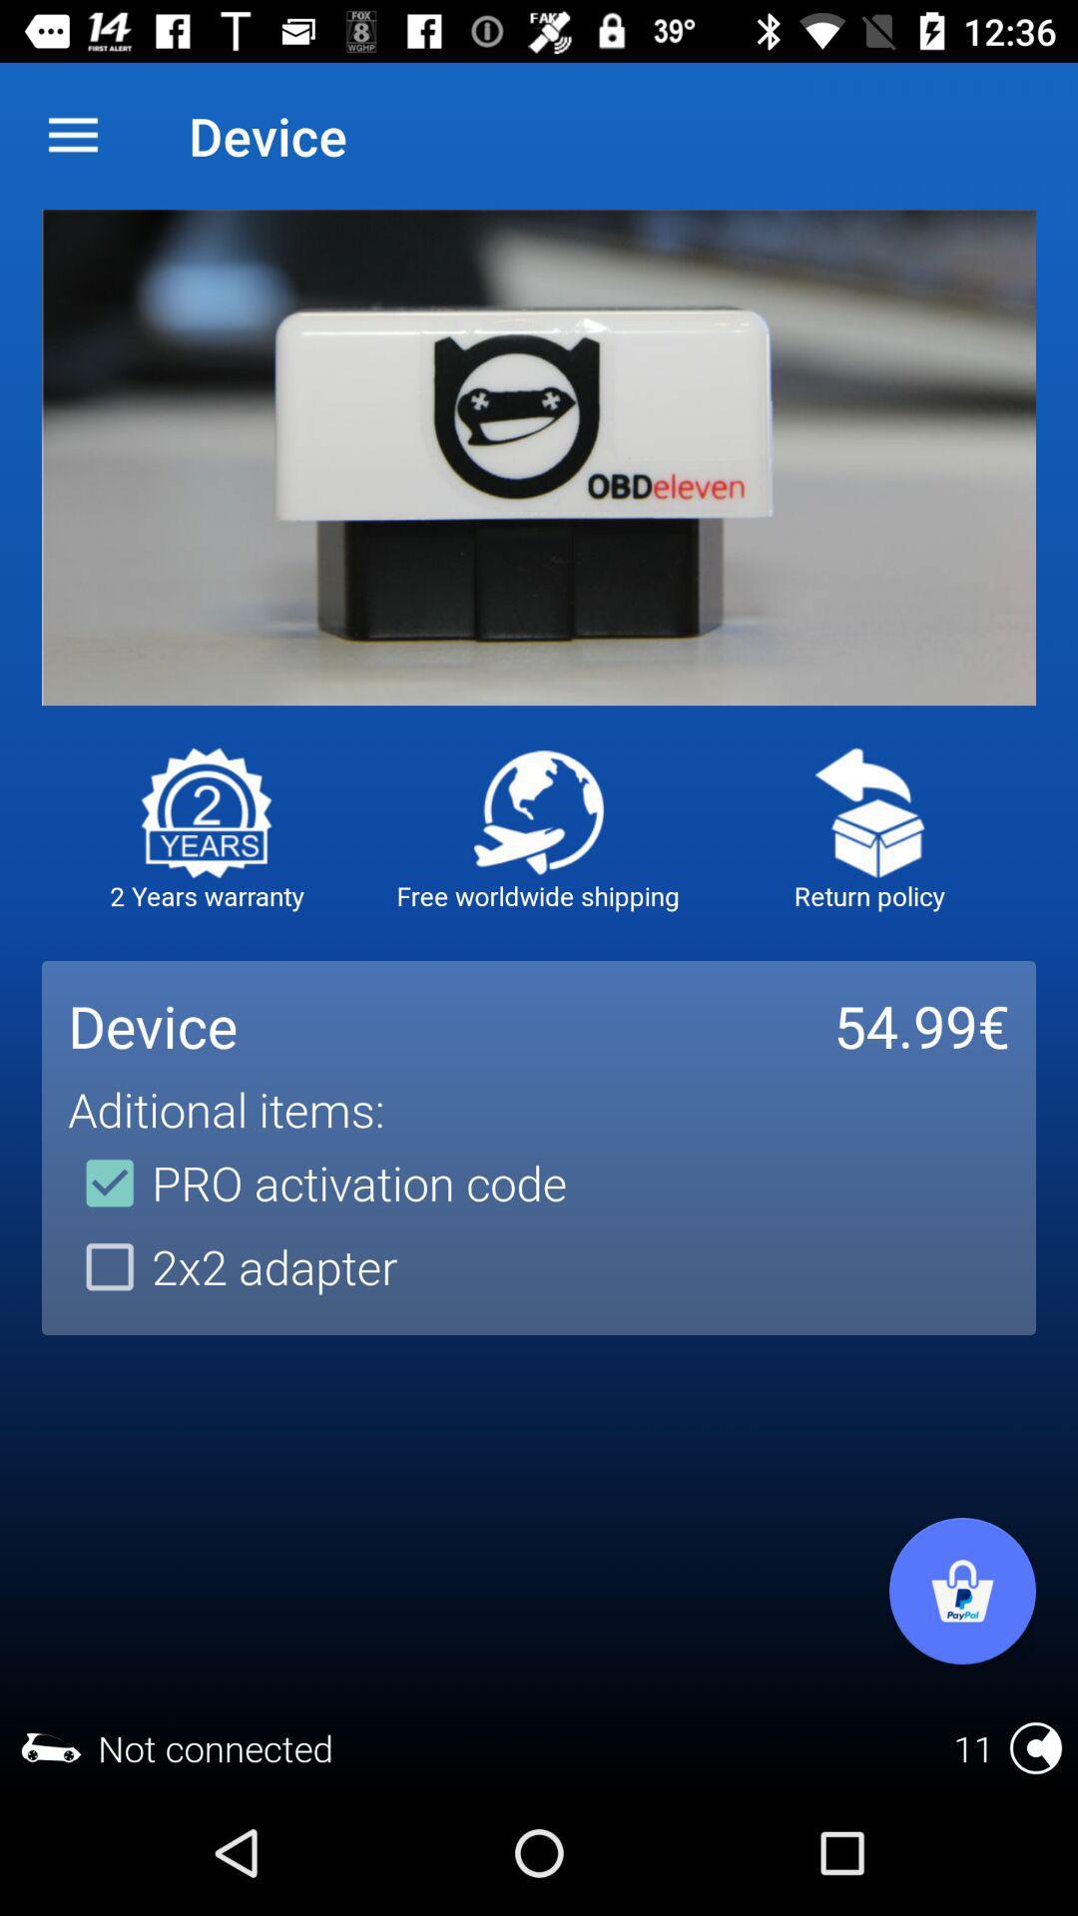 This screenshot has width=1078, height=1916. Describe the element at coordinates (72, 135) in the screenshot. I see `item next to the device item` at that location.